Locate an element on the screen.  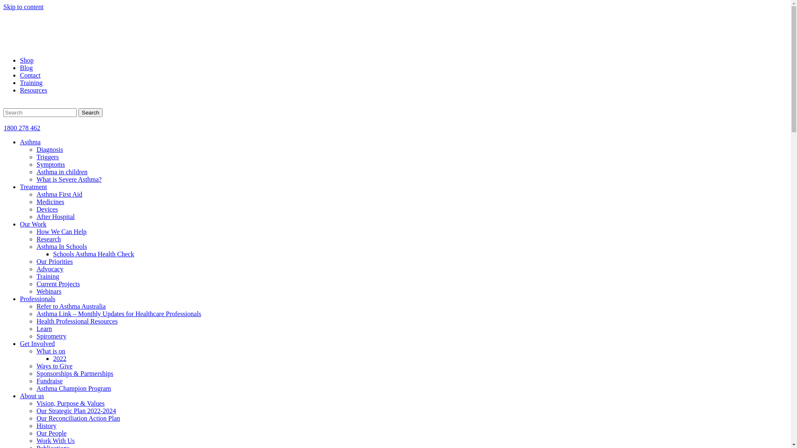
'Advocacy' is located at coordinates (49, 269).